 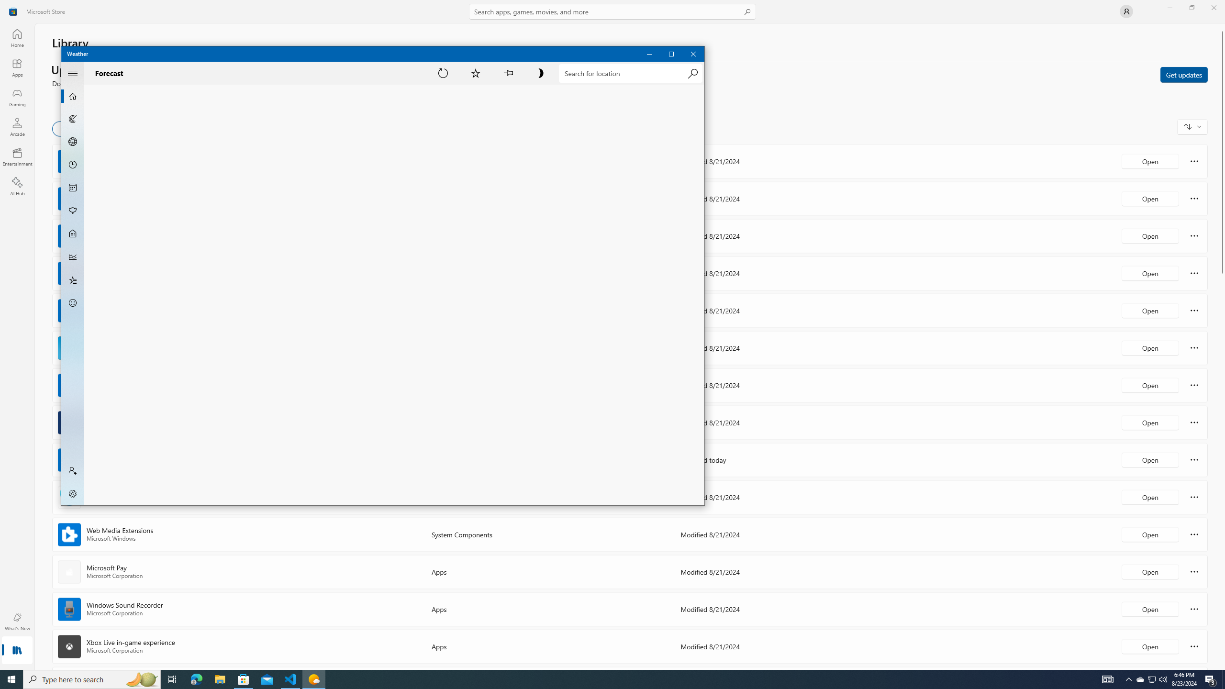 What do you see at coordinates (1223, 678) in the screenshot?
I see `'Show desktop'` at bounding box center [1223, 678].